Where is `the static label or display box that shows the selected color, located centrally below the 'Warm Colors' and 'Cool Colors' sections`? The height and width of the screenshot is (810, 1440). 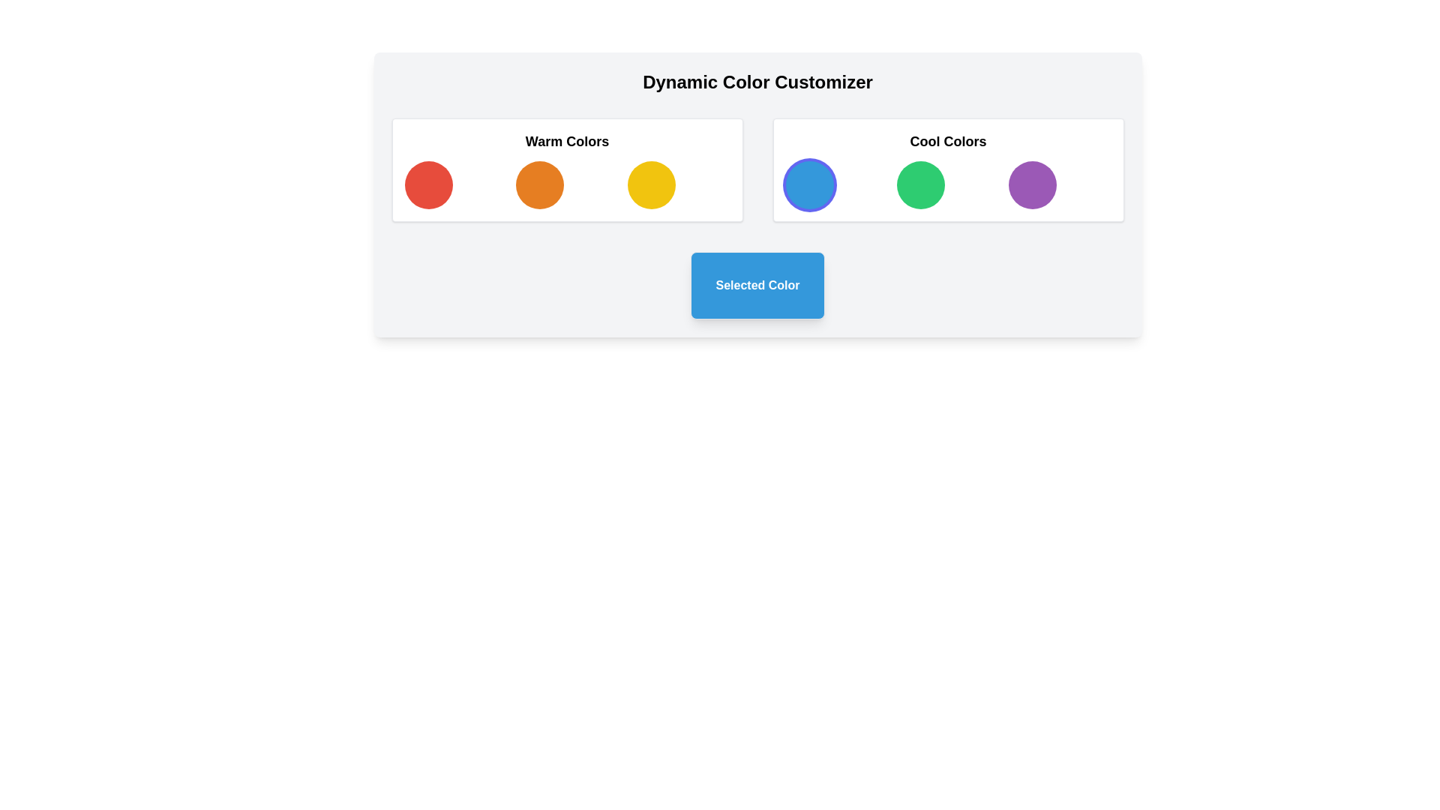
the static label or display box that shows the selected color, located centrally below the 'Warm Colors' and 'Cool Colors' sections is located at coordinates (757, 286).